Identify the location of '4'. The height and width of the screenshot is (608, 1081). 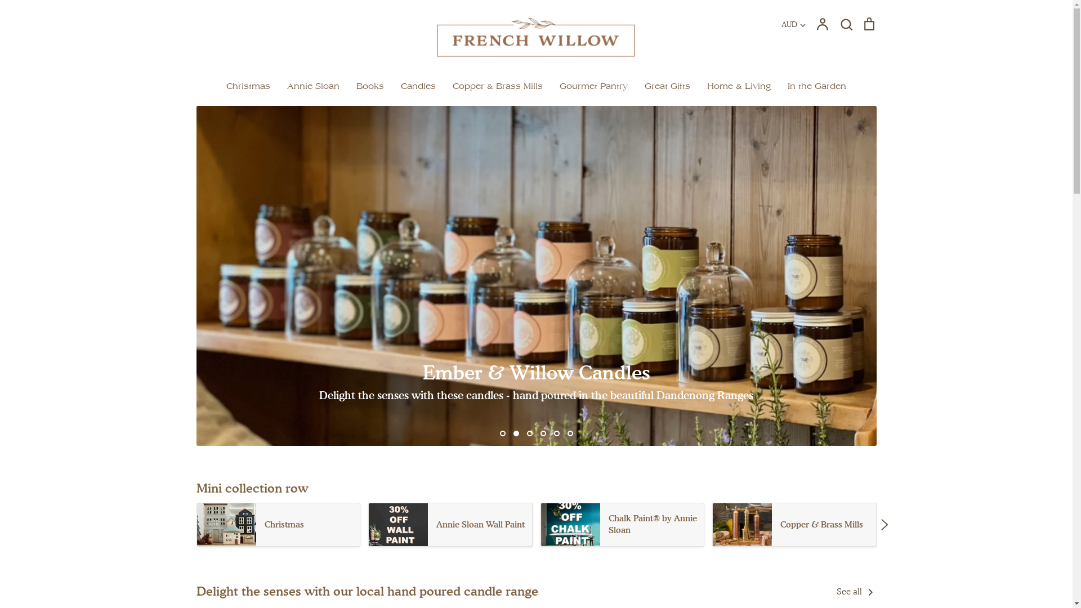
(543, 433).